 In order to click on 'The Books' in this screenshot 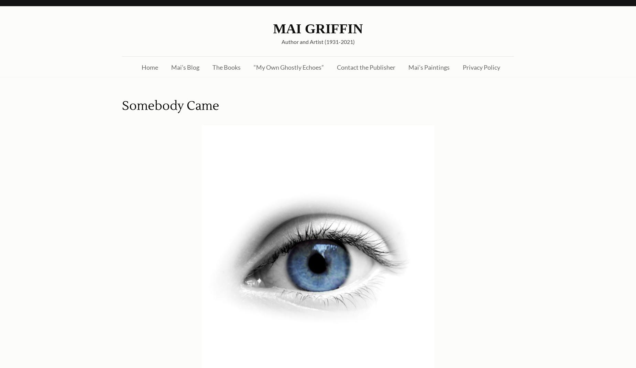, I will do `click(226, 67)`.